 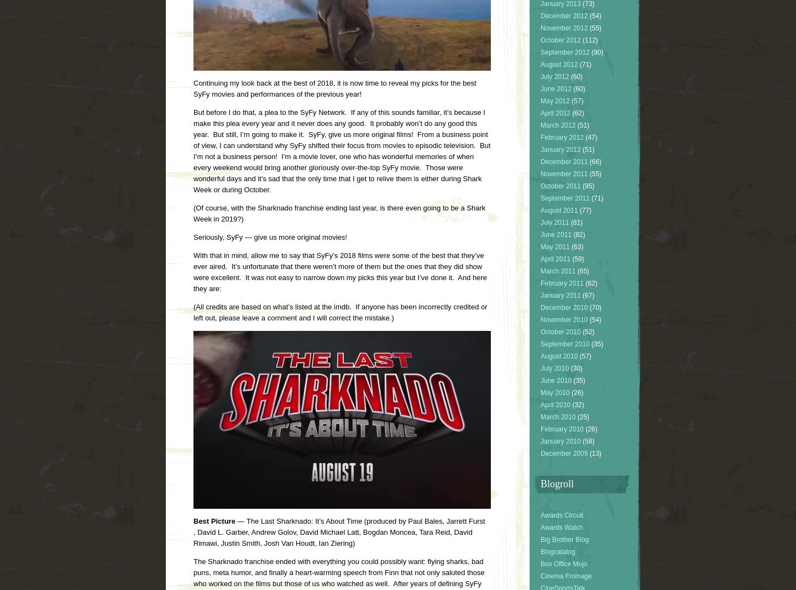 What do you see at coordinates (557, 125) in the screenshot?
I see `'March 2012'` at bounding box center [557, 125].